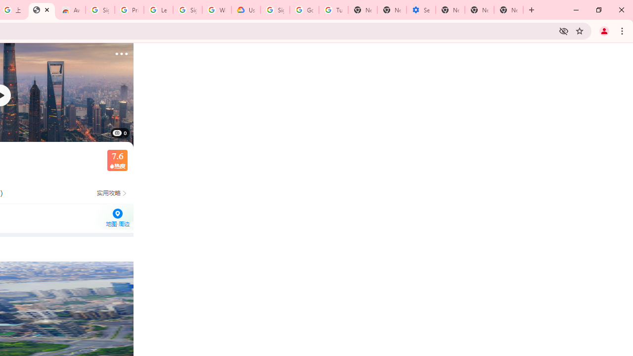  I want to click on 'Settings - Addresses and more', so click(421, 10).